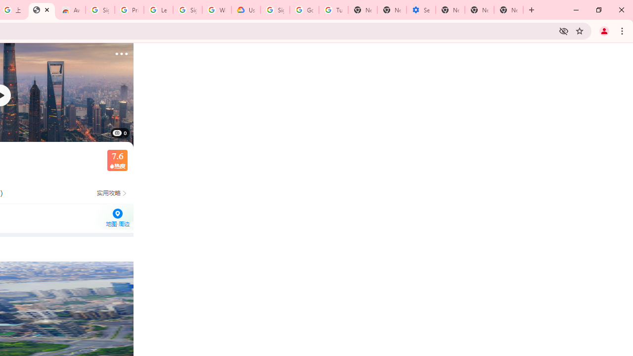  I want to click on 'Settings - Addresses and more', so click(421, 10).